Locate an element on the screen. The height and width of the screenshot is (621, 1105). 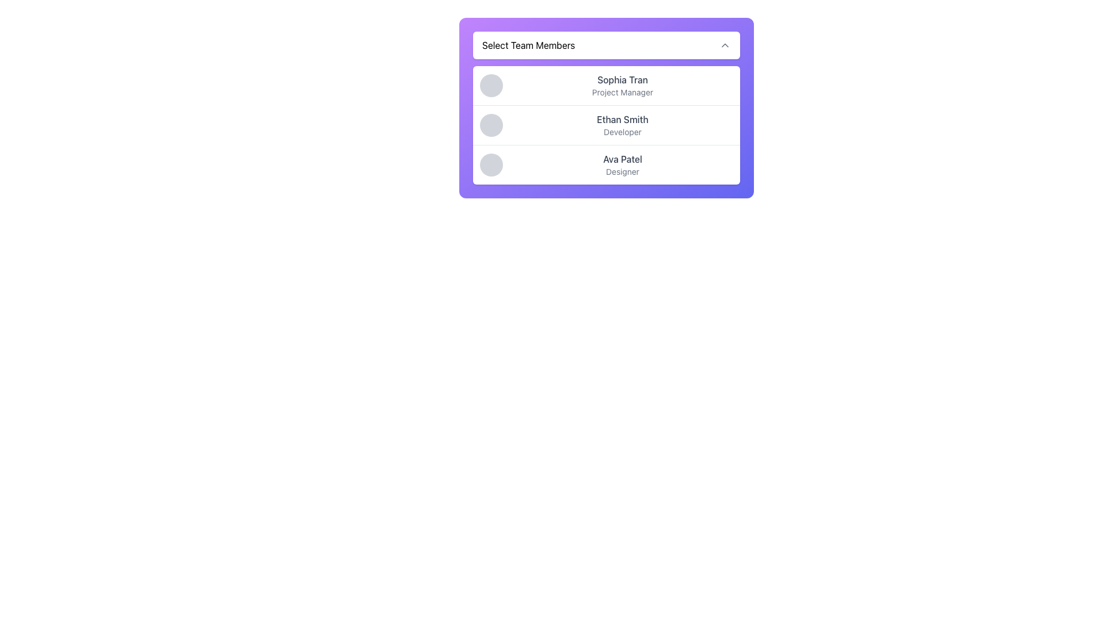
the composite textual display element showing 'Sophia Tran' and 'Project Manager' is located at coordinates (622, 85).